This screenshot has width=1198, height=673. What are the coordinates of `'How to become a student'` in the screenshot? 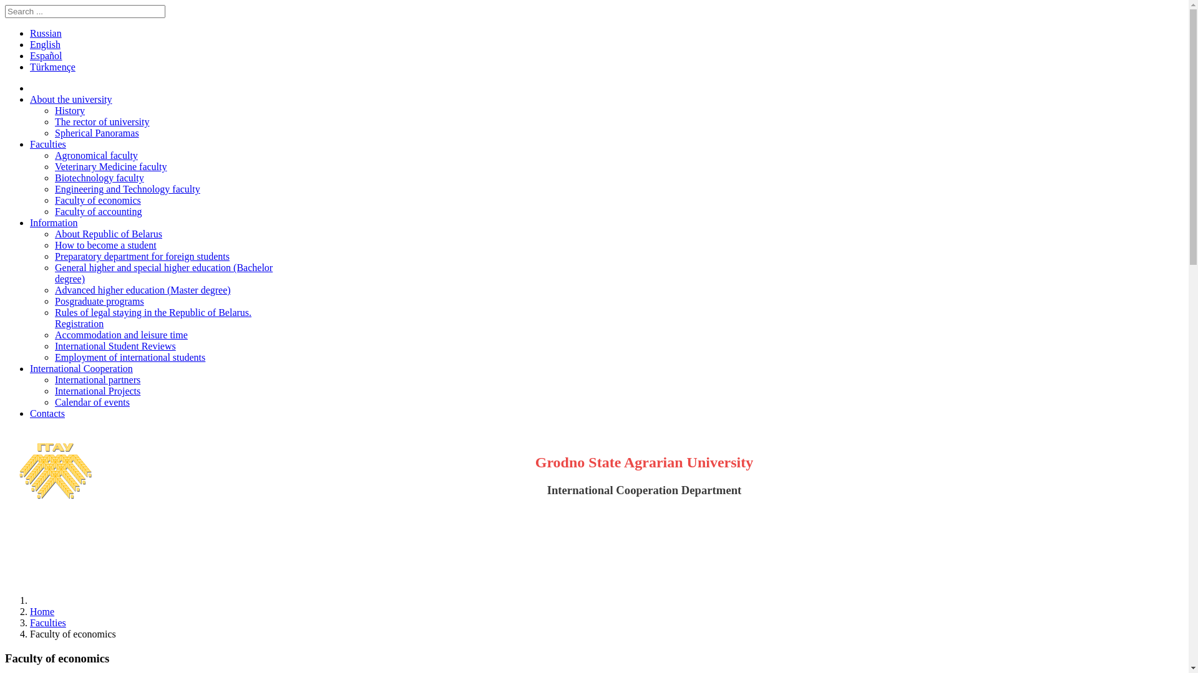 It's located at (105, 245).